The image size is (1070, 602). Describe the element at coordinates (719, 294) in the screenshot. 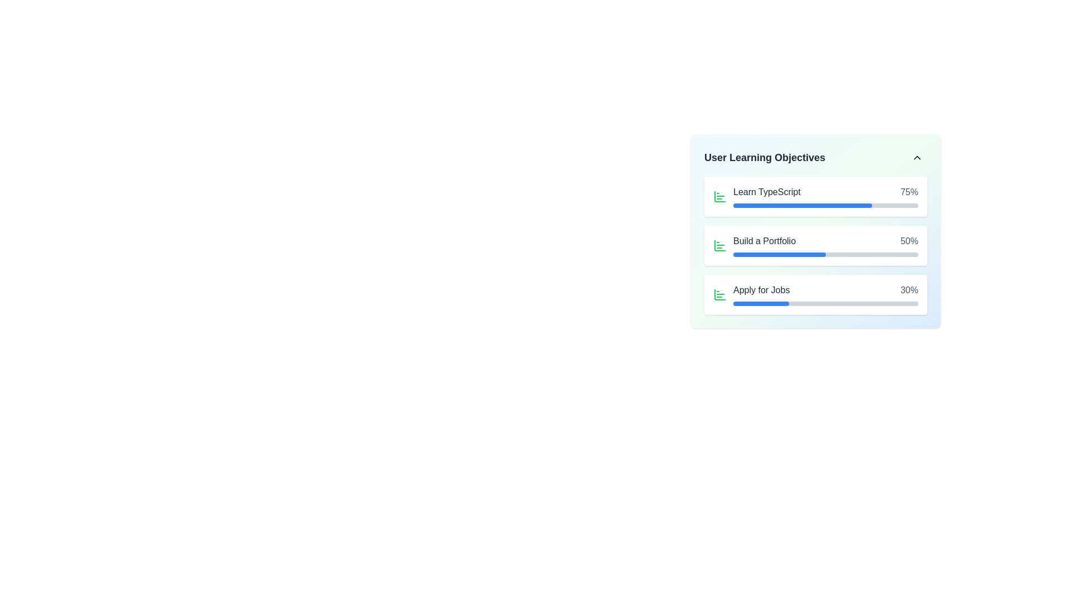

I see `the leftmost green bar of the bar chart icon, which is styled as a vertical rectangle with rounded corners` at that location.